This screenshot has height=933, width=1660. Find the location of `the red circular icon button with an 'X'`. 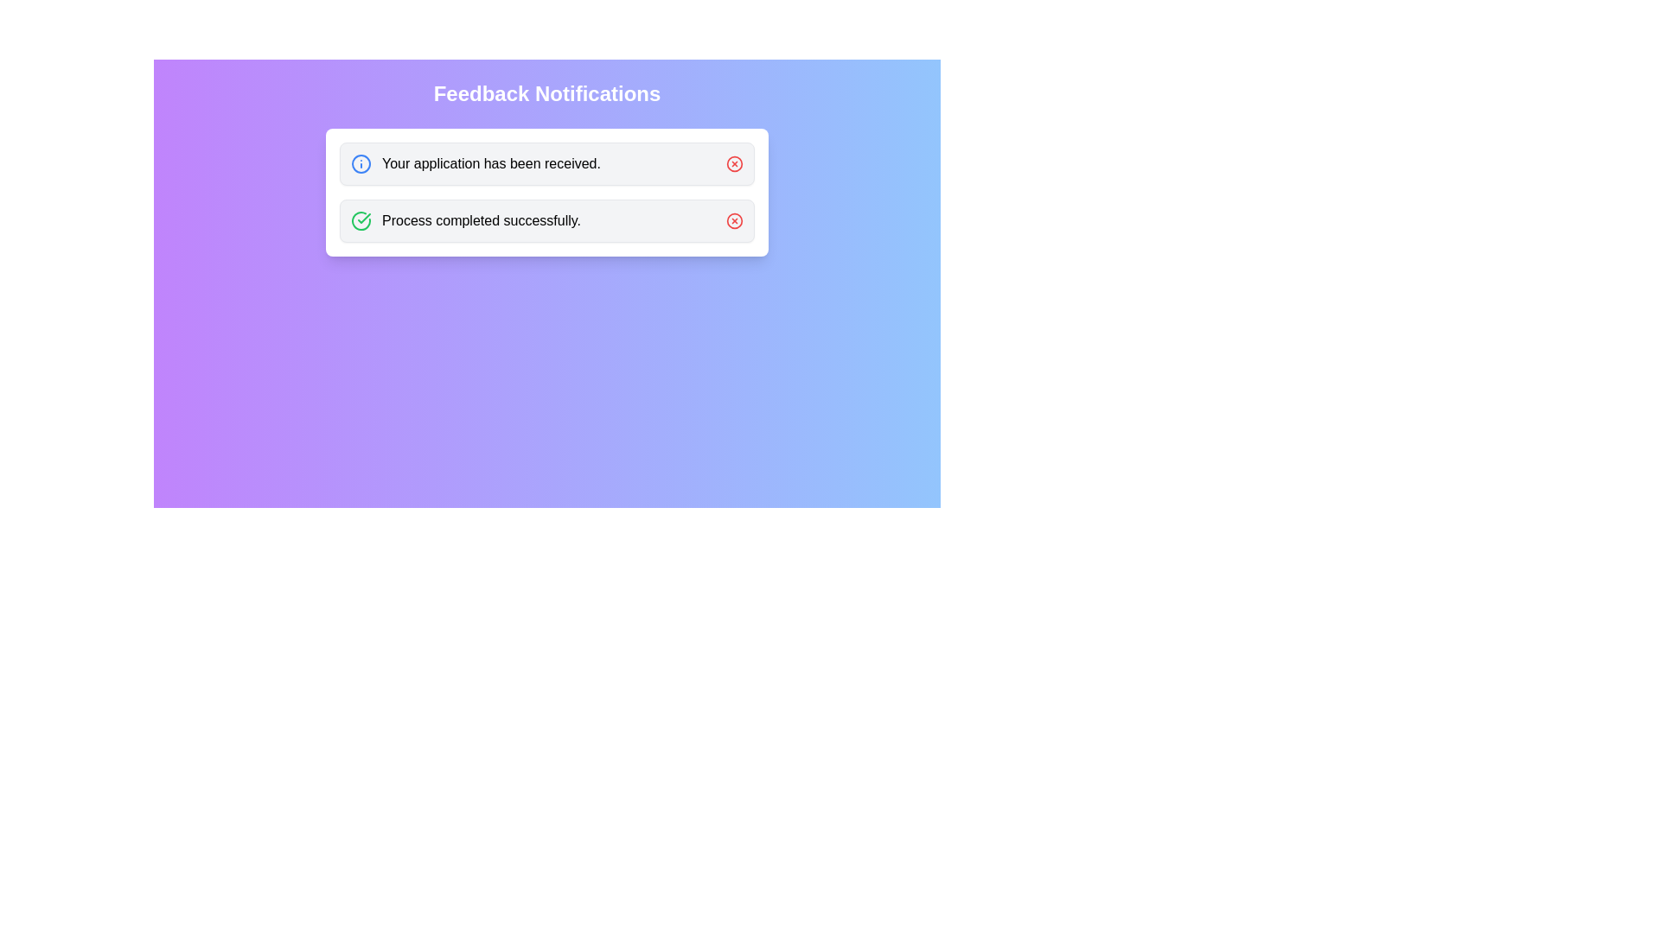

the red circular icon button with an 'X' is located at coordinates (734, 163).